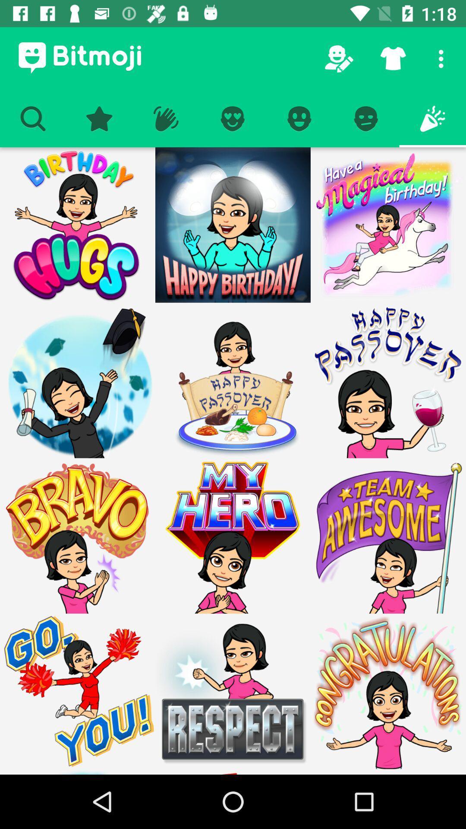 The width and height of the screenshot is (466, 829). What do you see at coordinates (78, 535) in the screenshot?
I see `this button is used to select the bravo icon` at bounding box center [78, 535].